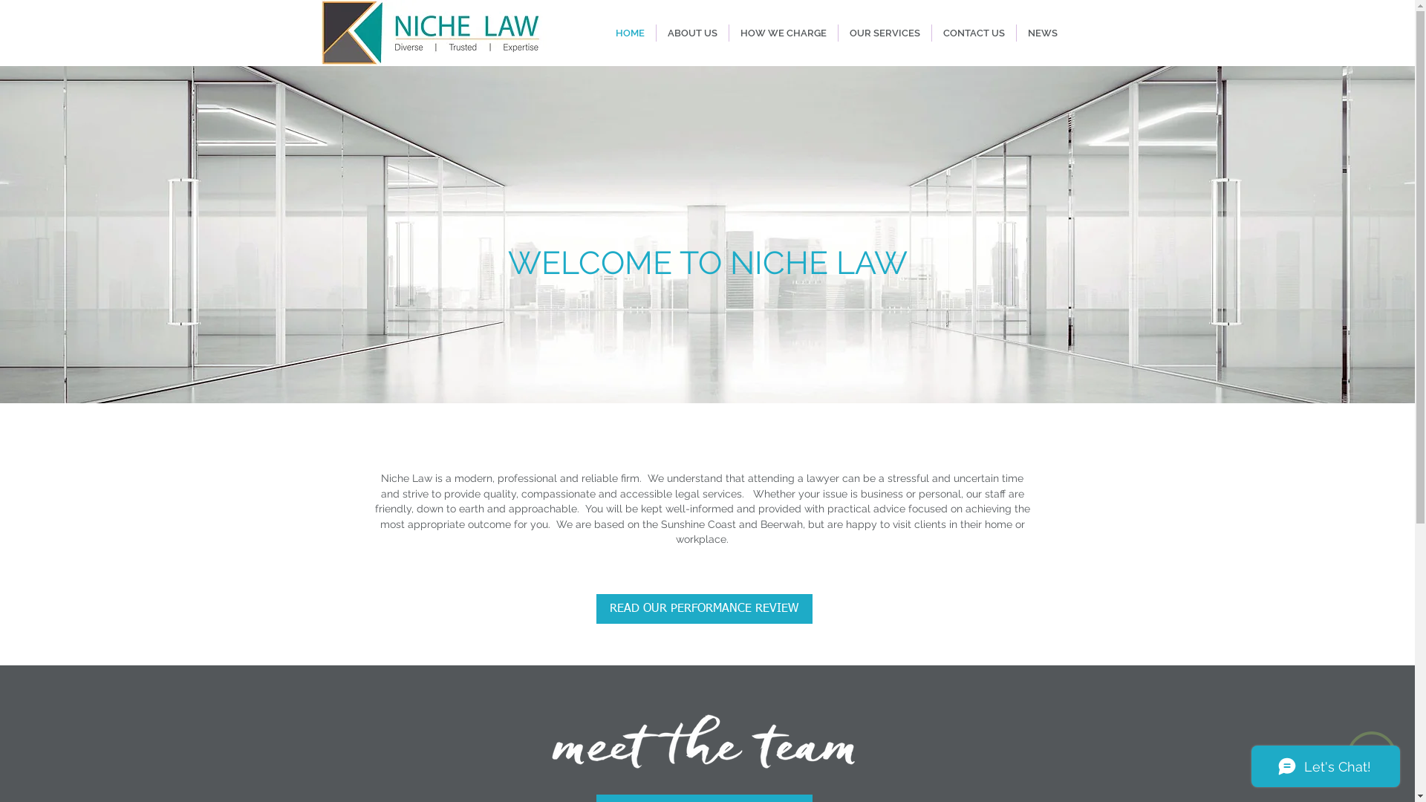 Image resolution: width=1426 pixels, height=802 pixels. What do you see at coordinates (691, 33) in the screenshot?
I see `'ABOUT US'` at bounding box center [691, 33].